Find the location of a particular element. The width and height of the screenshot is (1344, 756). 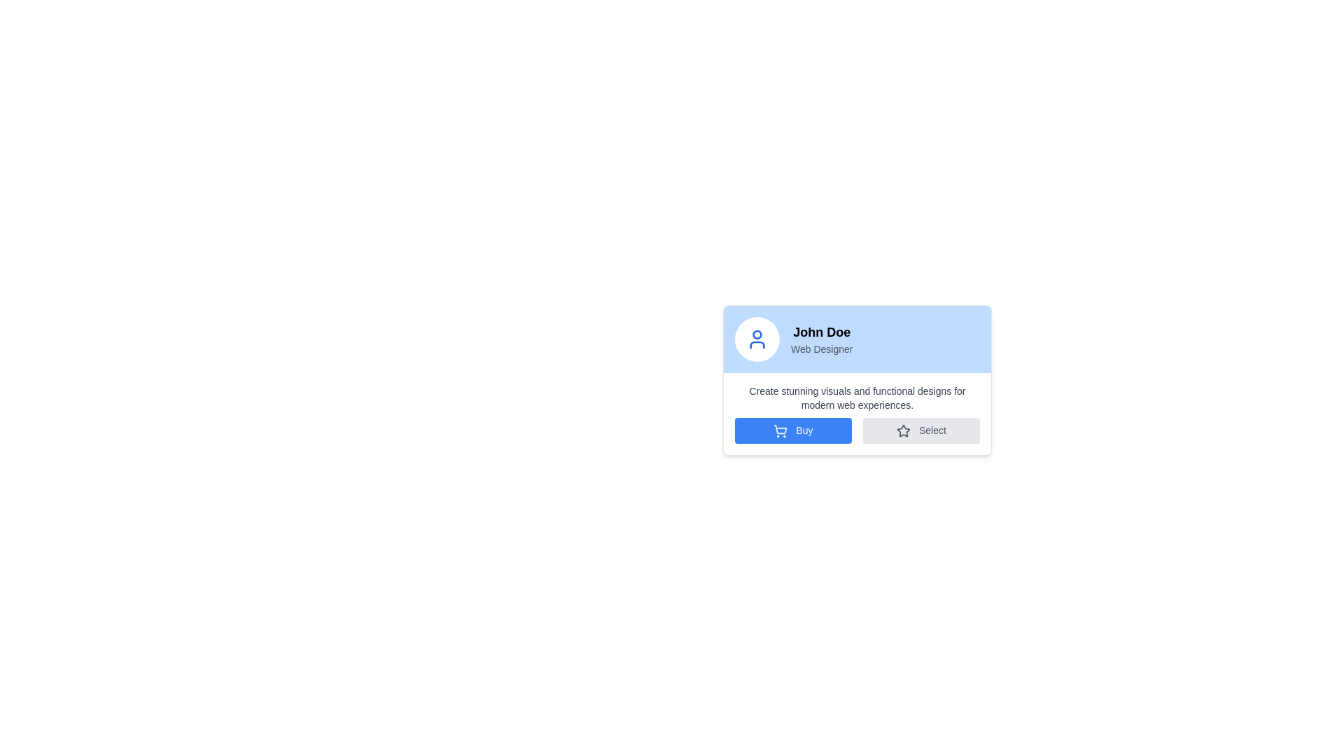

the 'Buy' button that contains the shopping cart icon, which is the largest graphical element in its set of icons is located at coordinates (780, 428).